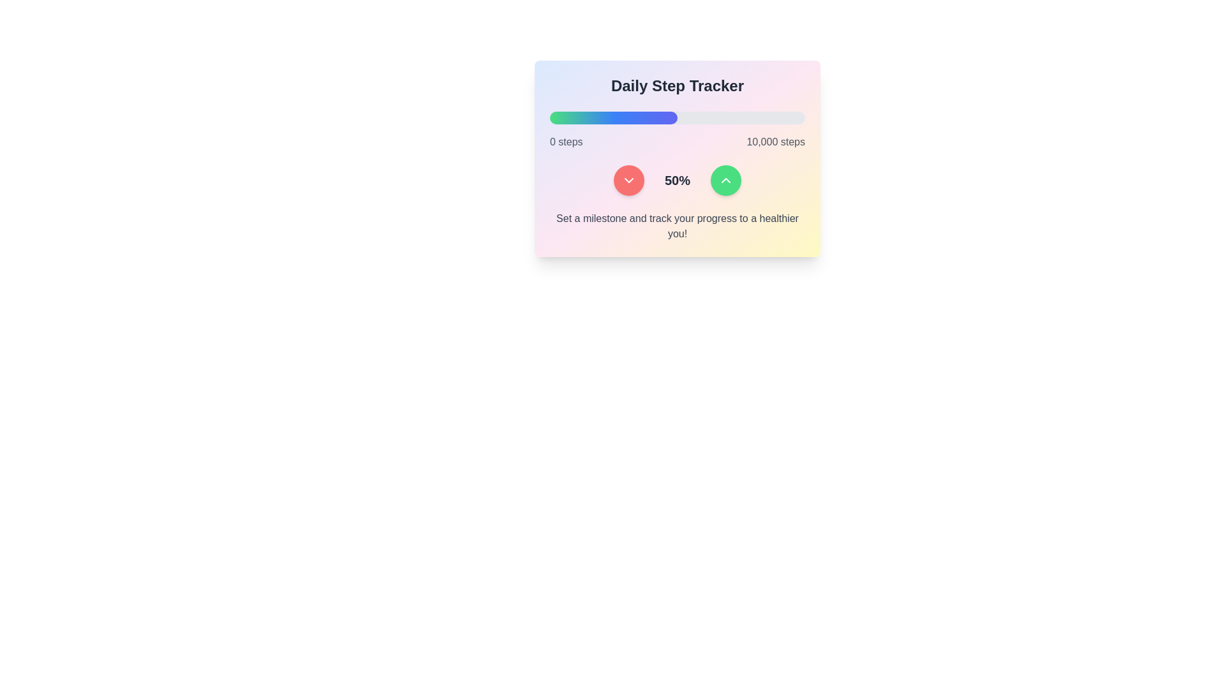  What do you see at coordinates (725, 180) in the screenshot?
I see `the button that increases the displayed percentage value, located to the right of a red circular button and next to a '50%' percentage display` at bounding box center [725, 180].